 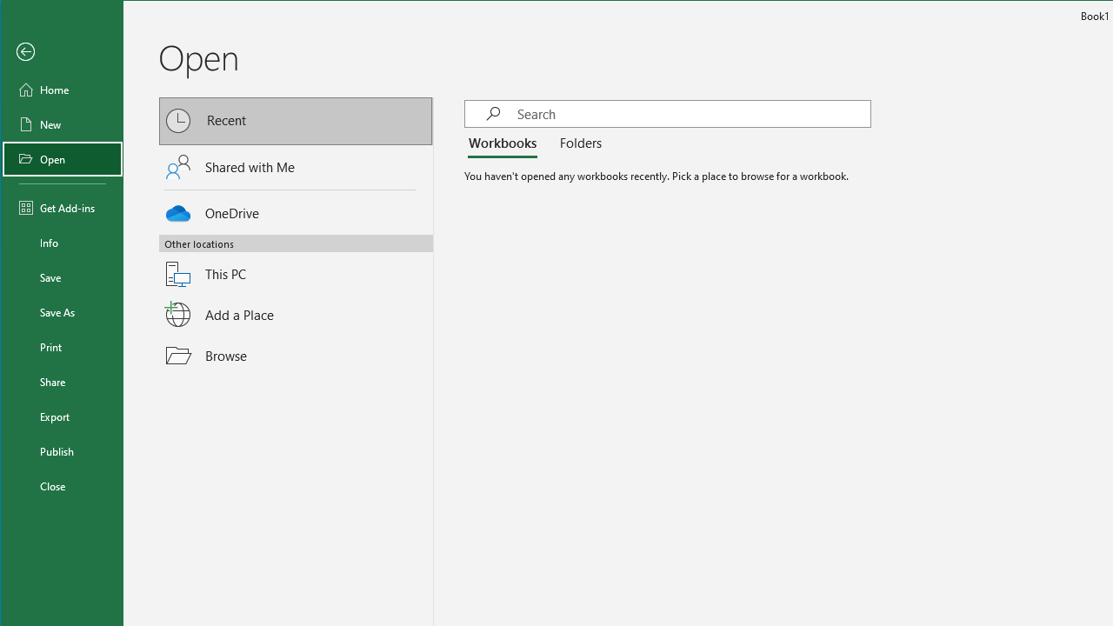 What do you see at coordinates (63, 243) in the screenshot?
I see `'Info'` at bounding box center [63, 243].